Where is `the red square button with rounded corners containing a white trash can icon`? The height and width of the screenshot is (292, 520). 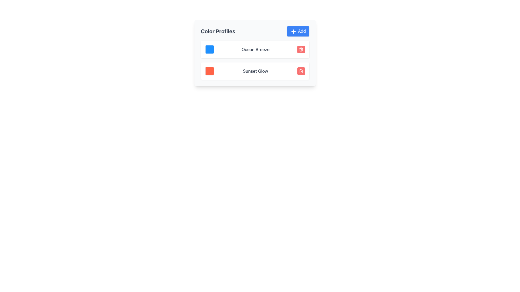 the red square button with rounded corners containing a white trash can icon is located at coordinates (301, 71).